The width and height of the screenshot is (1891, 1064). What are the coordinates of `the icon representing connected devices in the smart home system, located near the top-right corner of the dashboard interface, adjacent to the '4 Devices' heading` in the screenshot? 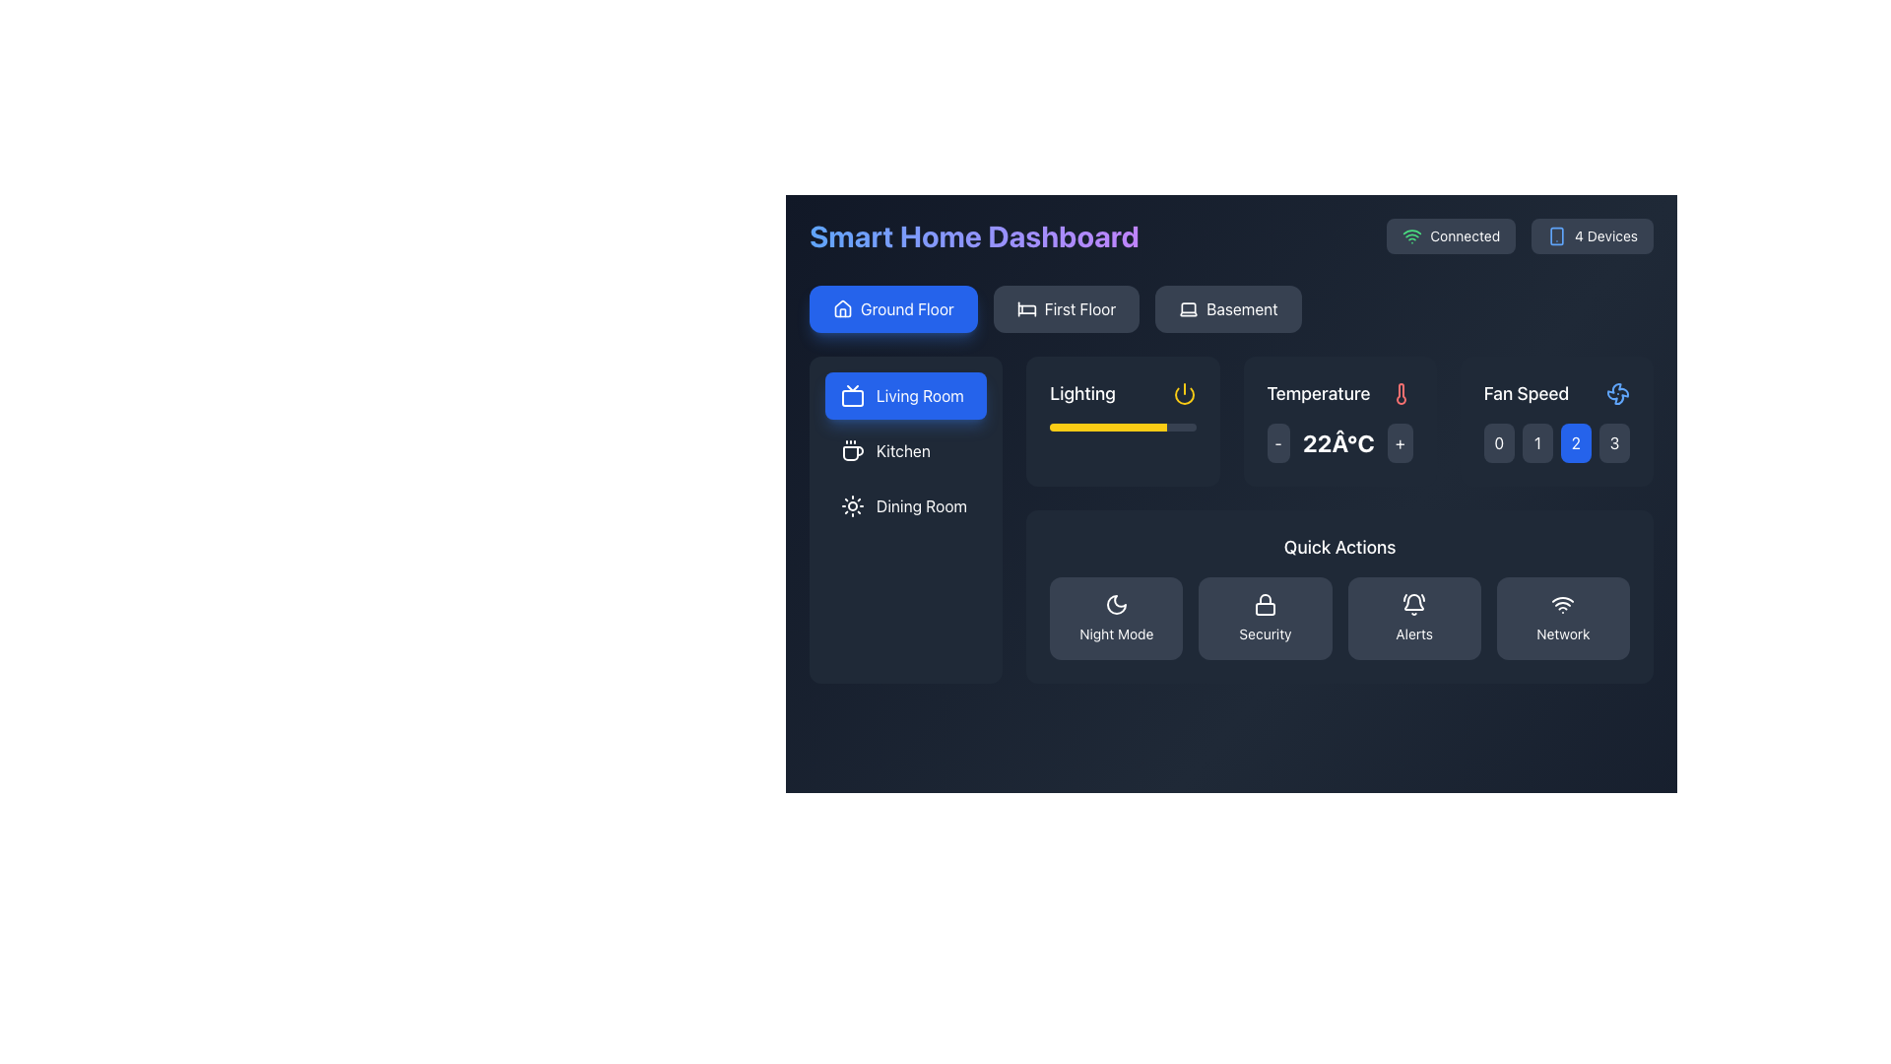 It's located at (1556, 234).